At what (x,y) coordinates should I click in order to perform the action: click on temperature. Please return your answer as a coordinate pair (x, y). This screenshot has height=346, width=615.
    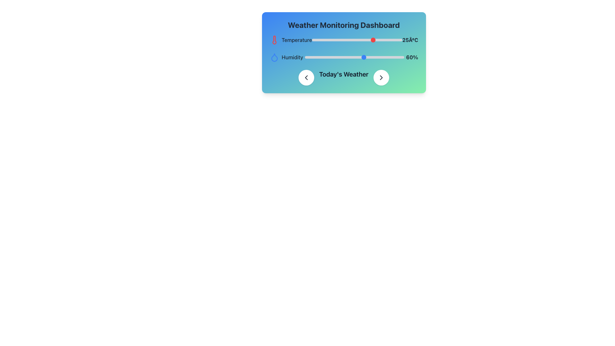
    Looking at the image, I should click on (386, 40).